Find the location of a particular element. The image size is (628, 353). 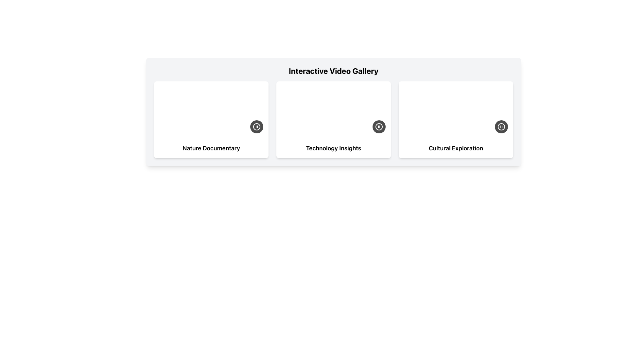

the circular Pause button with a dark background and a white pause icon located in the bottom-right corner of the 'Nature Documentary' card is located at coordinates (256, 127).